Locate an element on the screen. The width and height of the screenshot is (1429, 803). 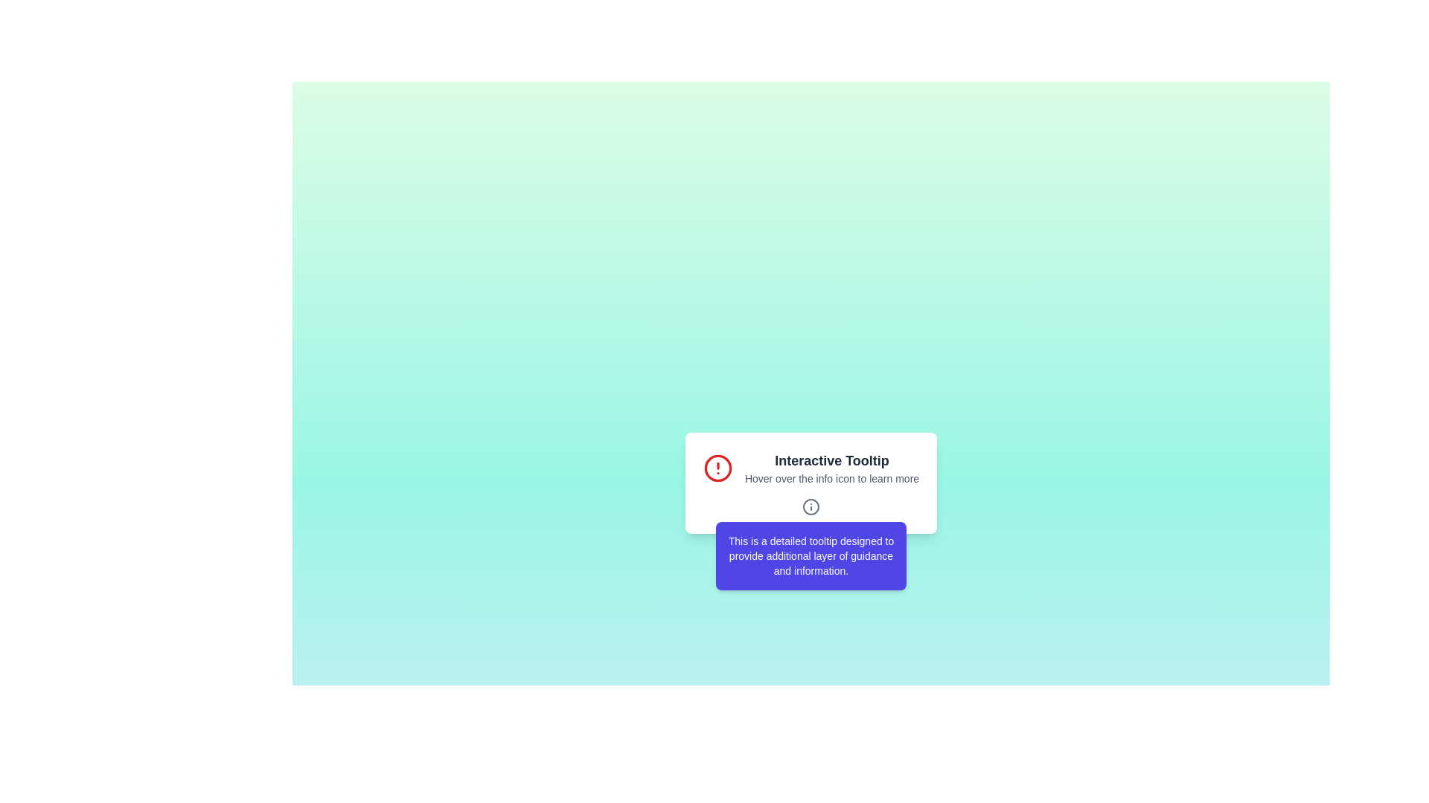
displayed information from the Informational Tooltip, which provides context and clarification for the user is located at coordinates (810, 483).